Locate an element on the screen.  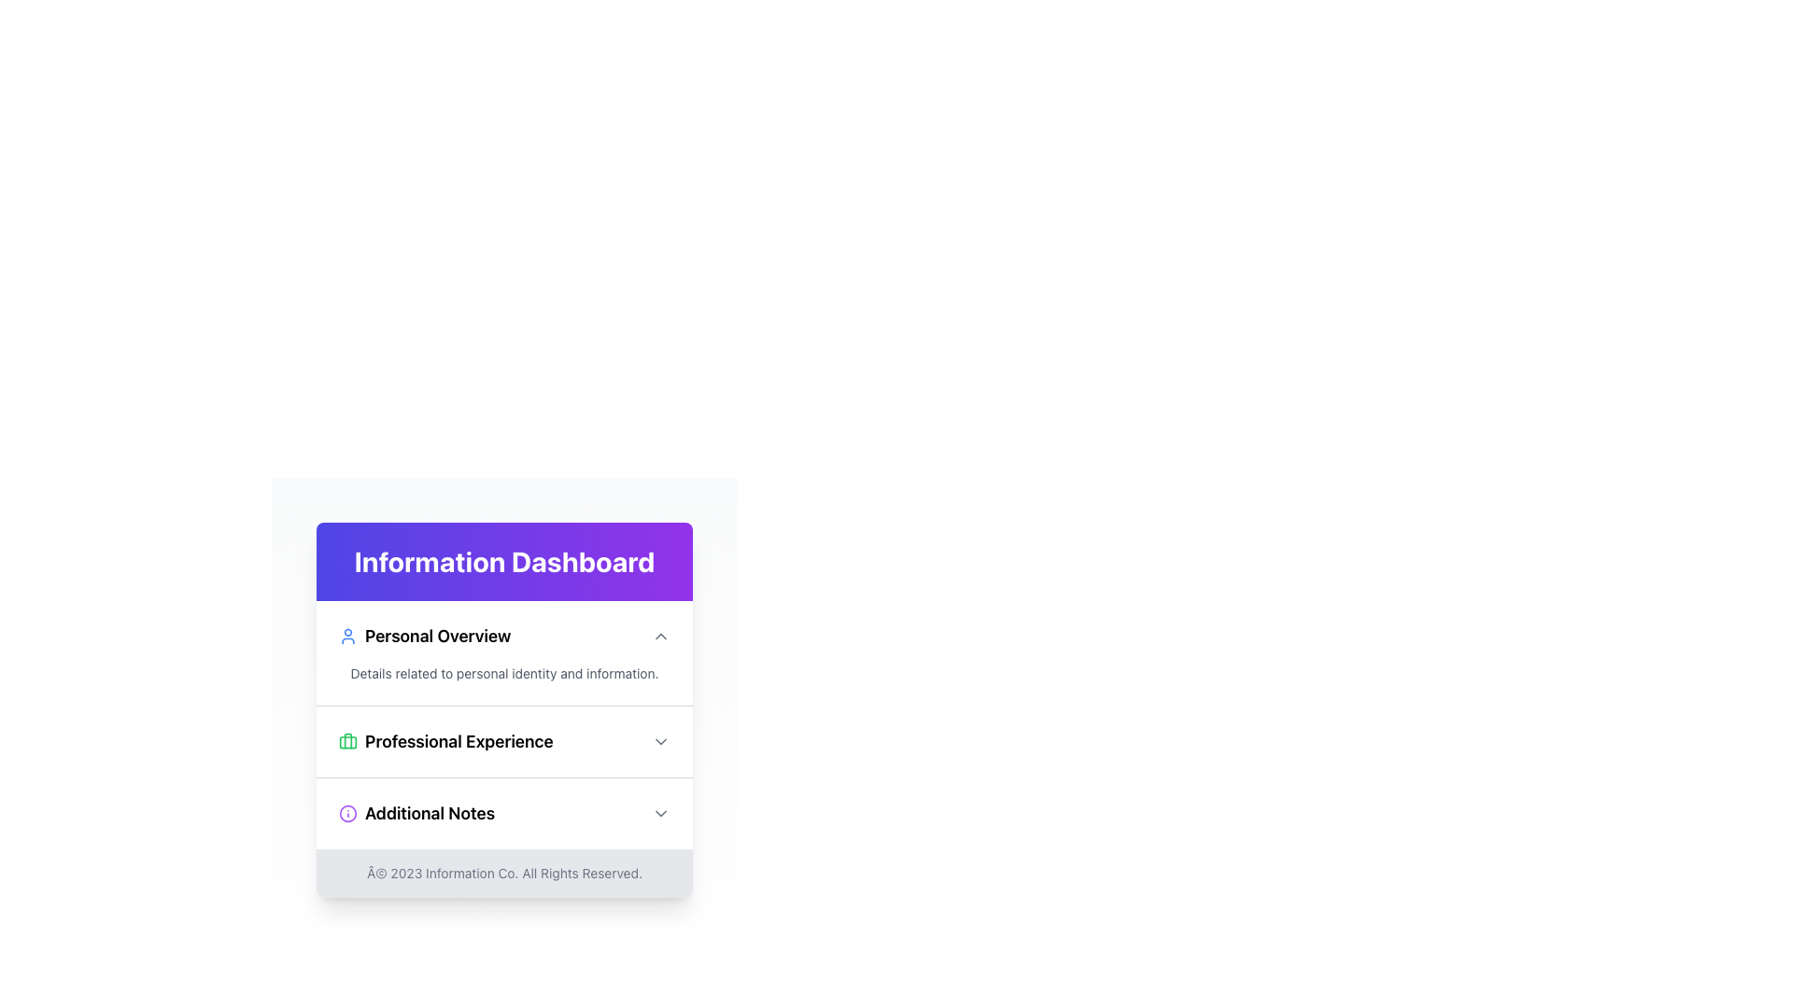
the 'Additional Notes' text label, which is the last item in a vertical list of collapsible sections below 'Personal Overview' and 'Professional Experience' is located at coordinates (416, 812).